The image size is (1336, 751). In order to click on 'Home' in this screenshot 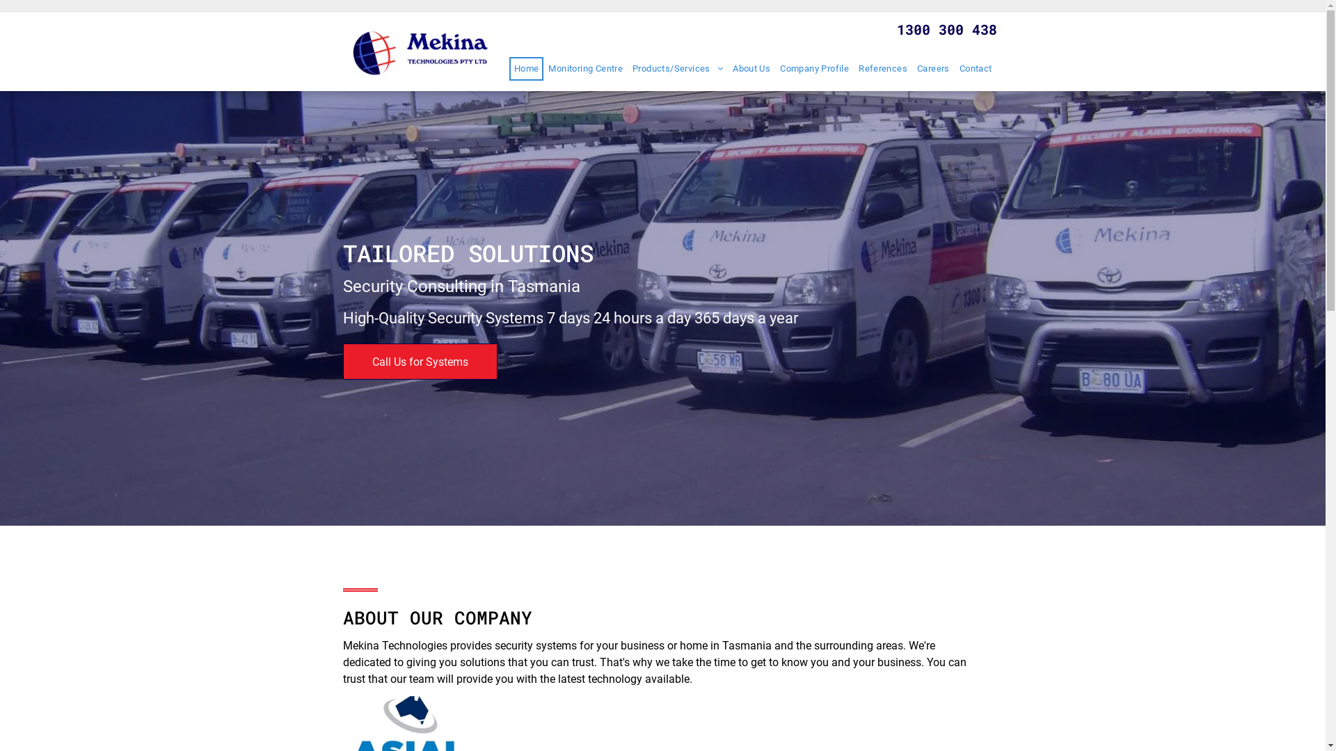, I will do `click(526, 69)`.